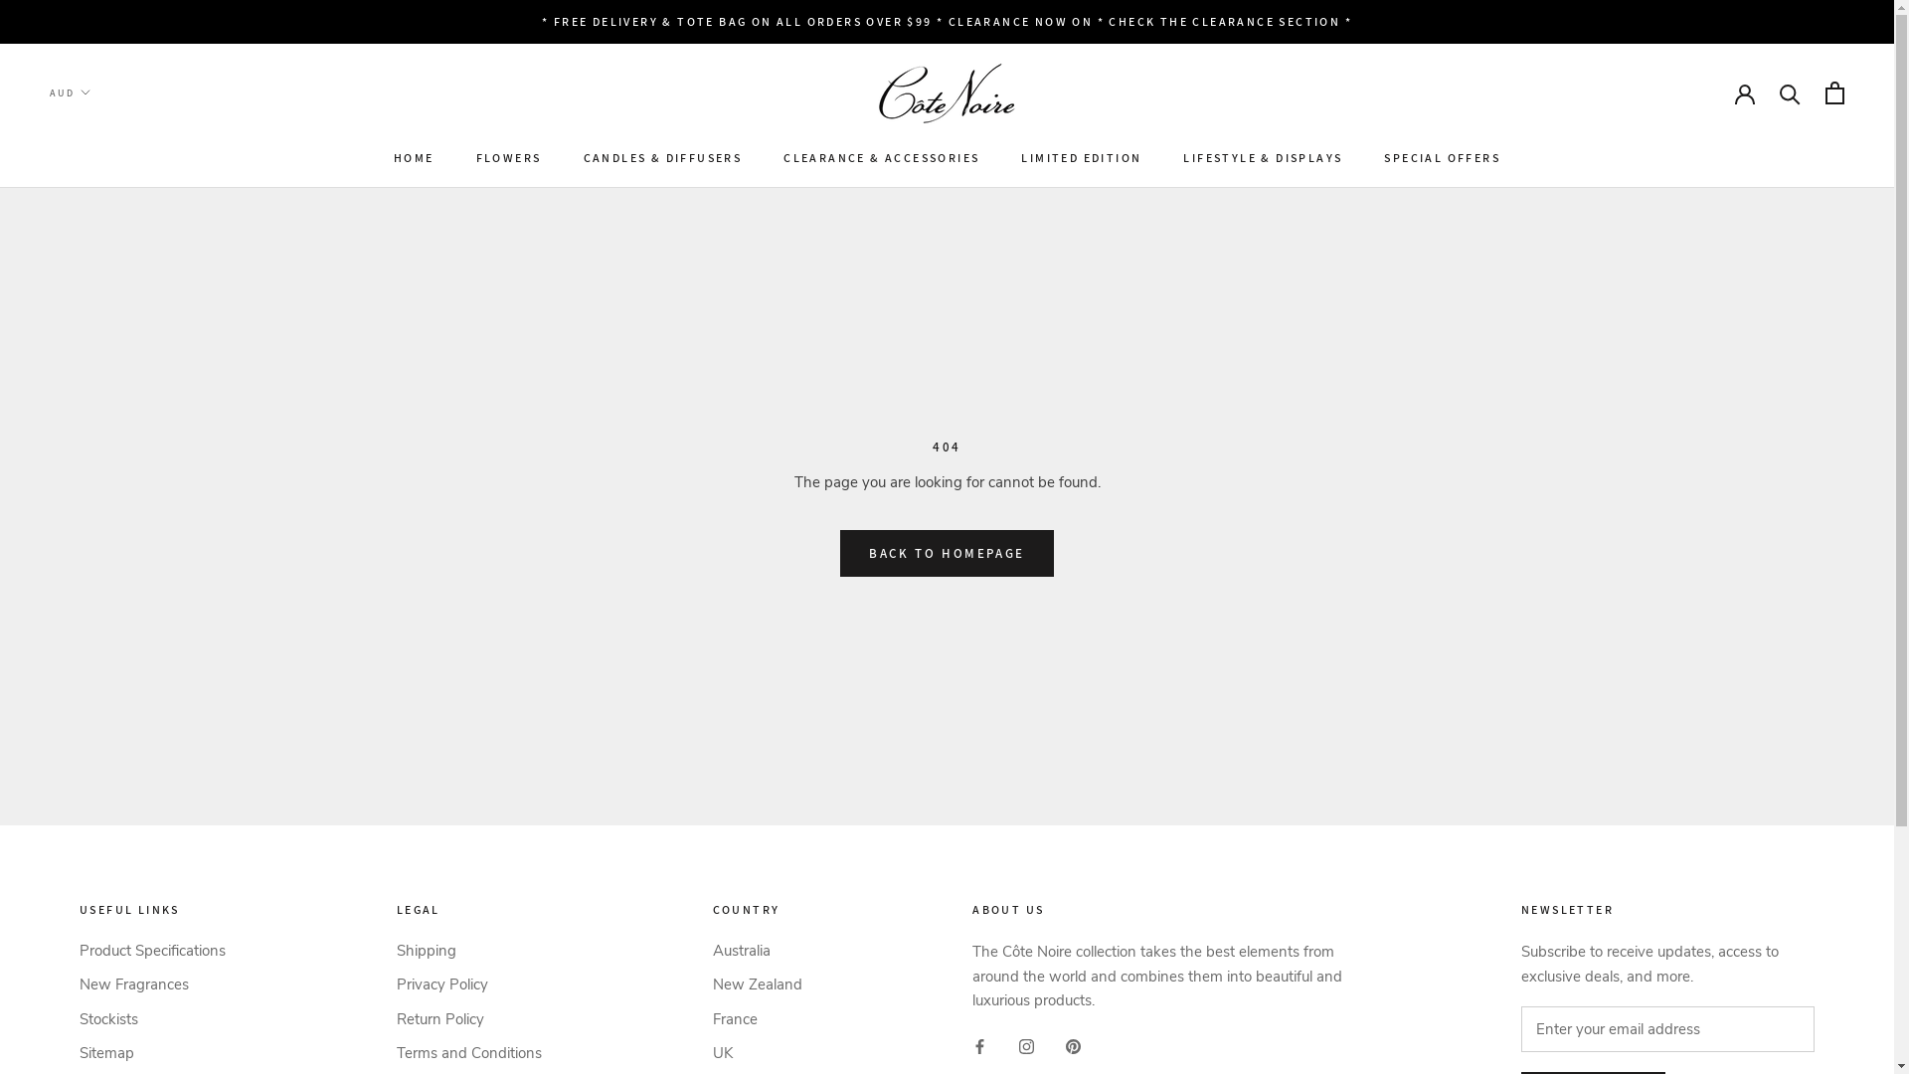  Describe the element at coordinates (756, 984) in the screenshot. I see `'New Zealand'` at that location.